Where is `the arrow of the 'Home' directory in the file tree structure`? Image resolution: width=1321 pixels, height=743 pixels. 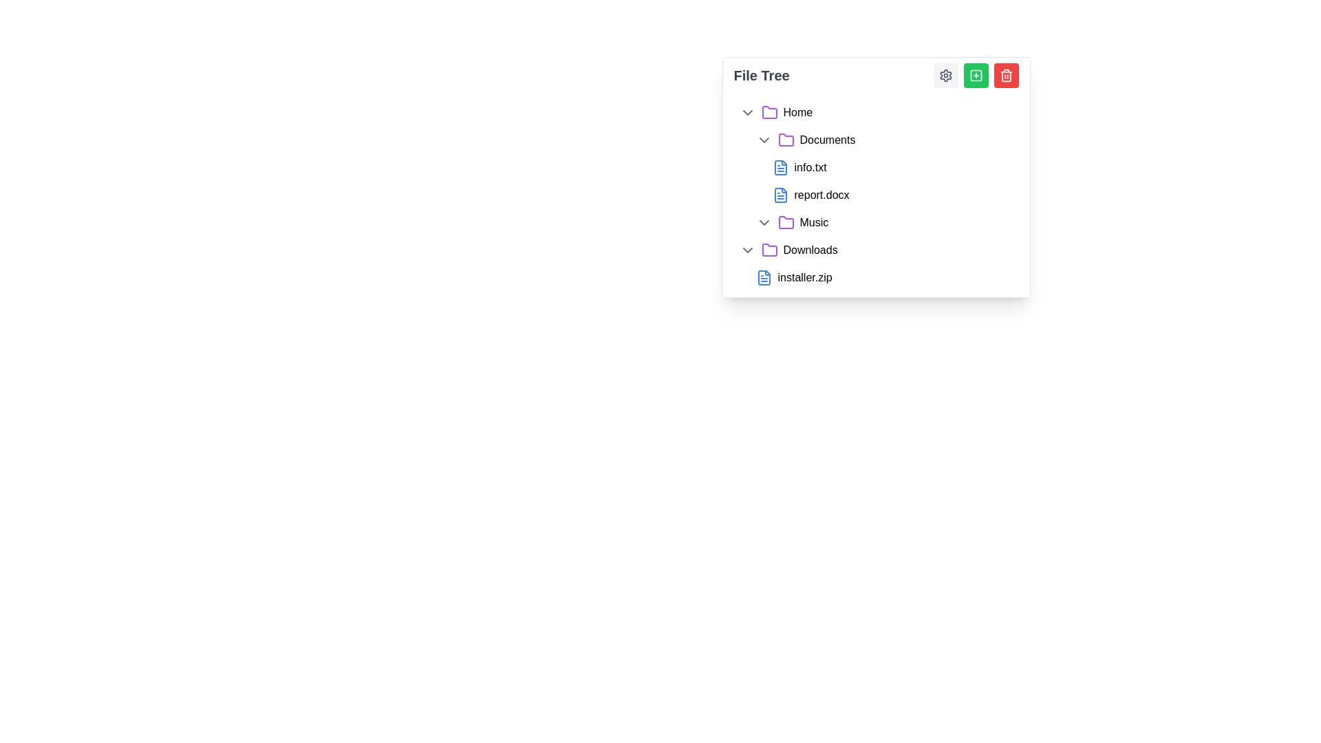 the arrow of the 'Home' directory in the file tree structure is located at coordinates (875, 112).